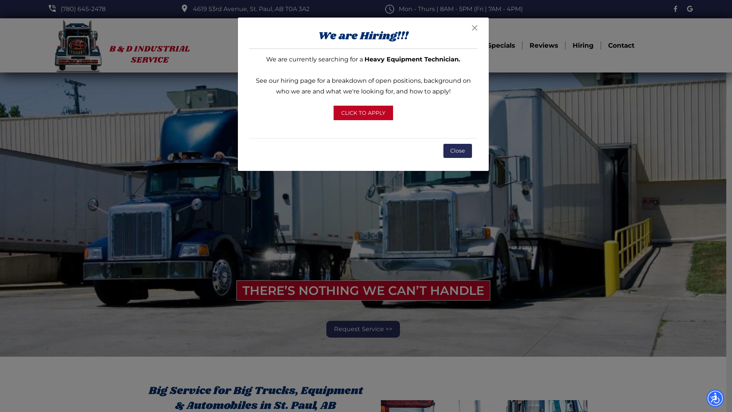 The height and width of the screenshot is (412, 732). What do you see at coordinates (60, 9) in the screenshot?
I see `'(780) 645-2478'` at bounding box center [60, 9].